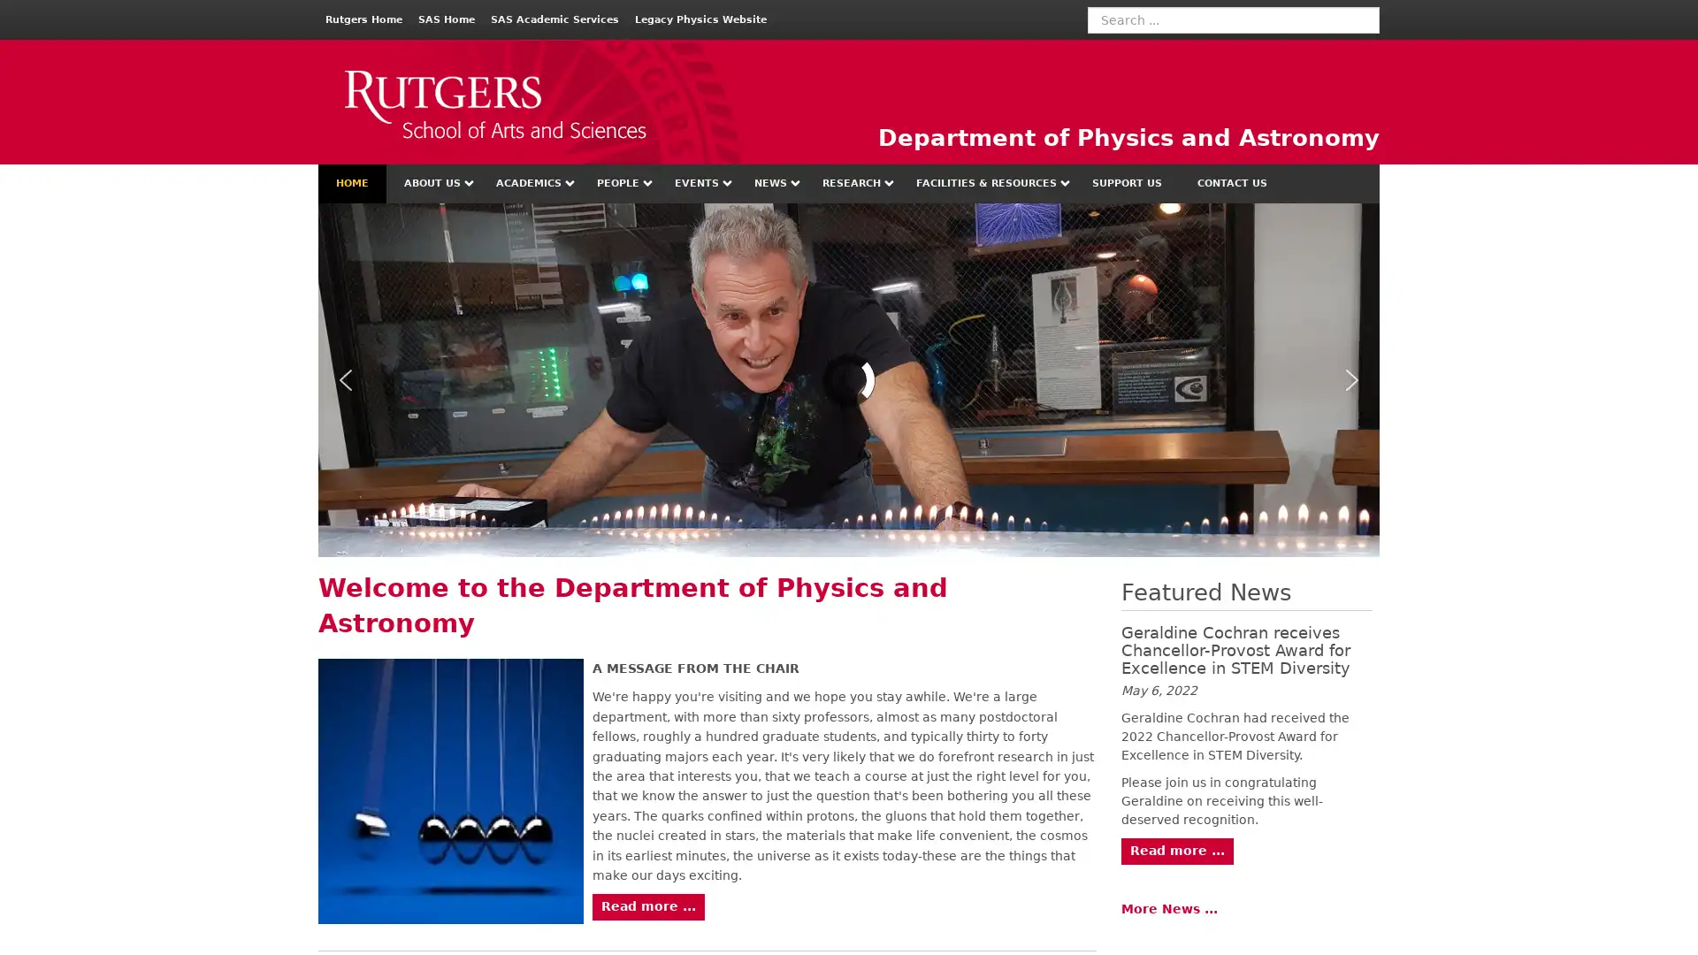 This screenshot has height=955, width=1698. I want to click on previous arrow, so click(345, 378).